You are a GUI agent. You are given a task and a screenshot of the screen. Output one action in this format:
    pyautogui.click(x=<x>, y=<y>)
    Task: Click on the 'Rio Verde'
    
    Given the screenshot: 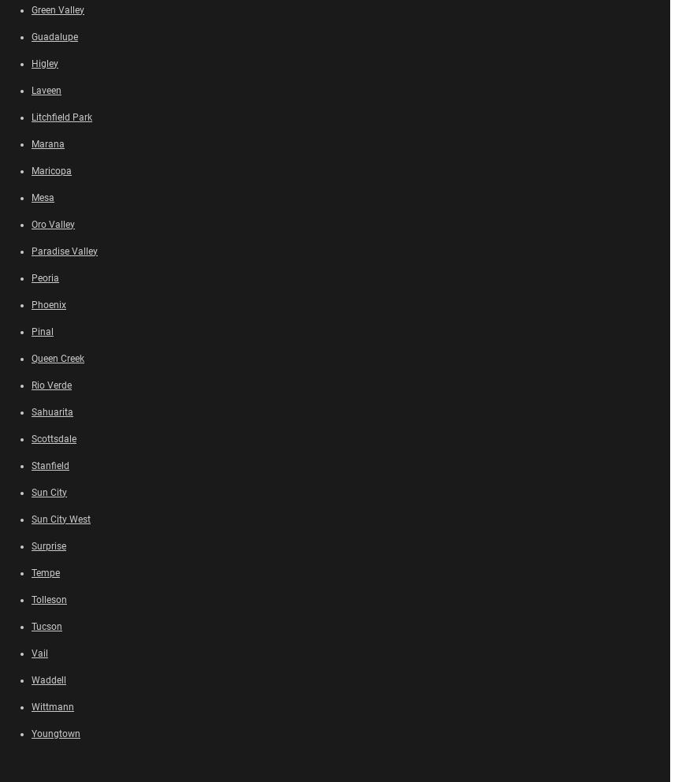 What is the action you would take?
    pyautogui.click(x=51, y=384)
    